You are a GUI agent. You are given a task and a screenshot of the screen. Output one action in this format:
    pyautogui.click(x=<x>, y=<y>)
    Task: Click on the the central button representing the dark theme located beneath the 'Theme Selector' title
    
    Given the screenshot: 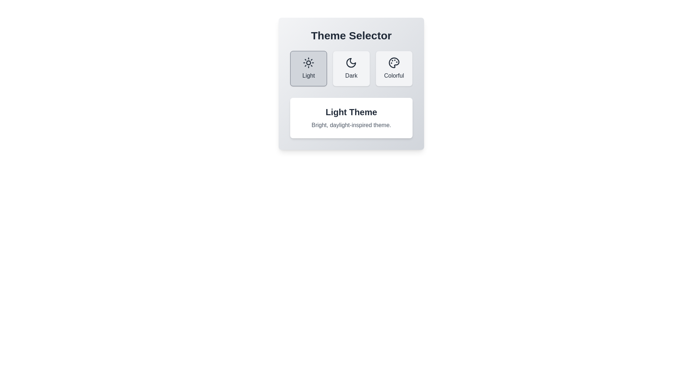 What is the action you would take?
    pyautogui.click(x=351, y=83)
    